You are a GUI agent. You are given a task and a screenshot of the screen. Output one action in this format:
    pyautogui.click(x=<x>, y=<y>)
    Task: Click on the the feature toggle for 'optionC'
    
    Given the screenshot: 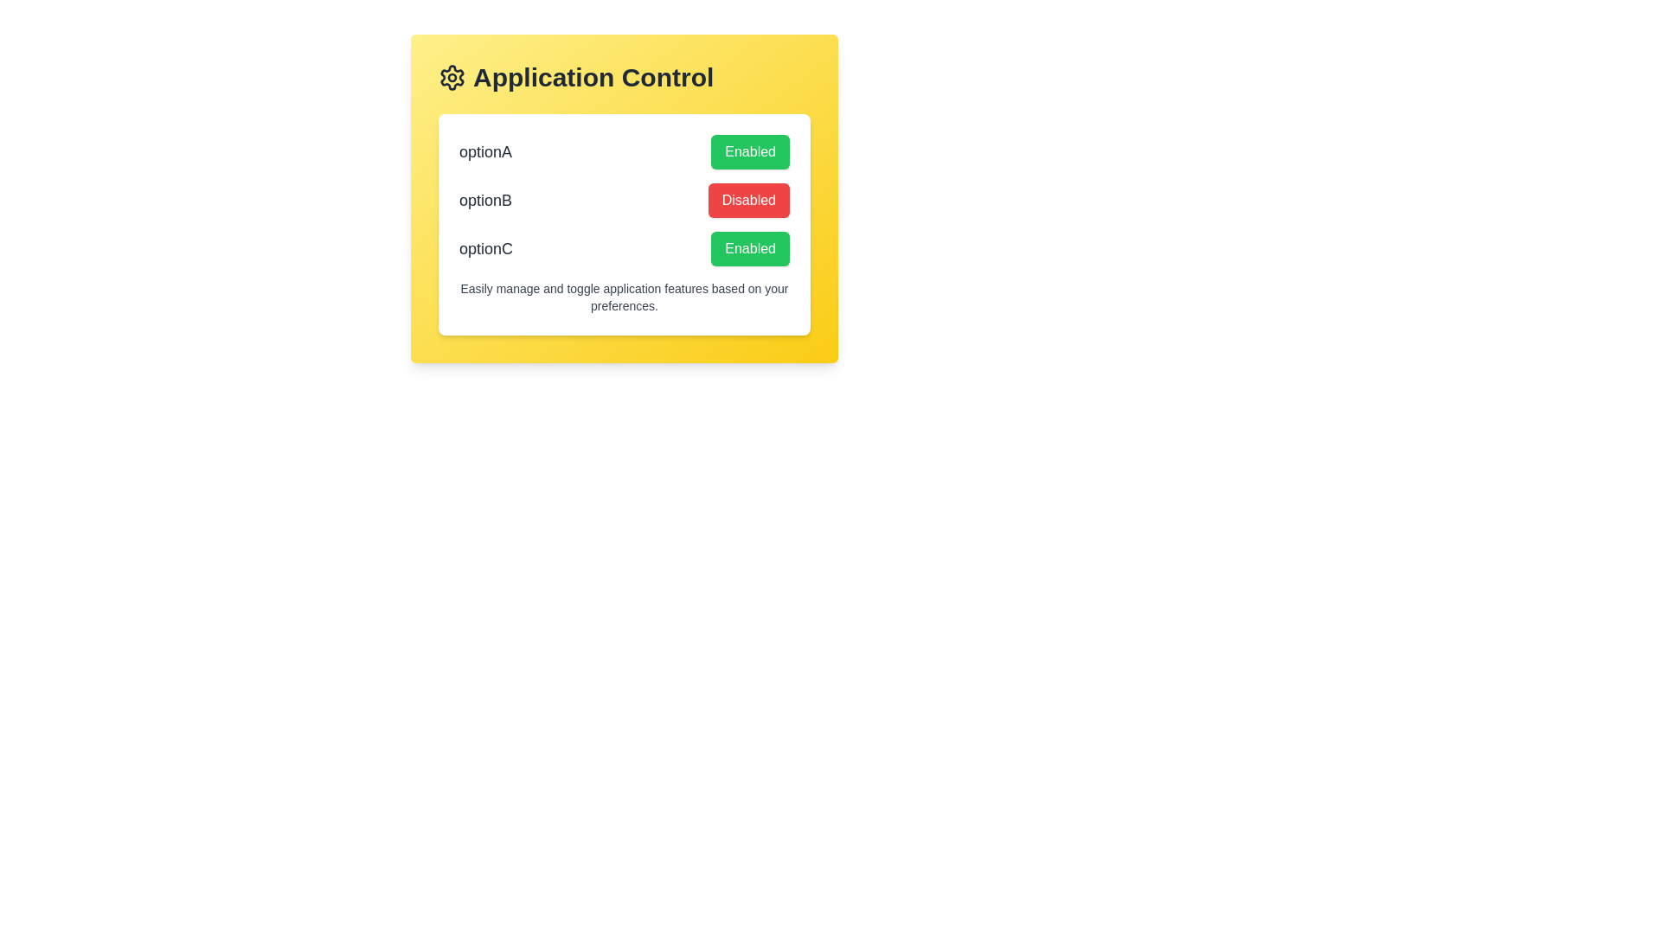 What is the action you would take?
    pyautogui.click(x=623, y=249)
    